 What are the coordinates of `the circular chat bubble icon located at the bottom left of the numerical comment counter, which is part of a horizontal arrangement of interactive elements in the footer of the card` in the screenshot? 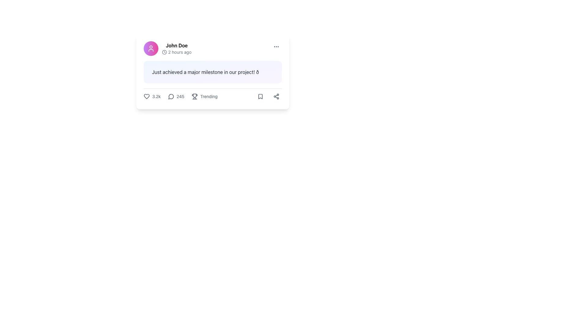 It's located at (171, 96).